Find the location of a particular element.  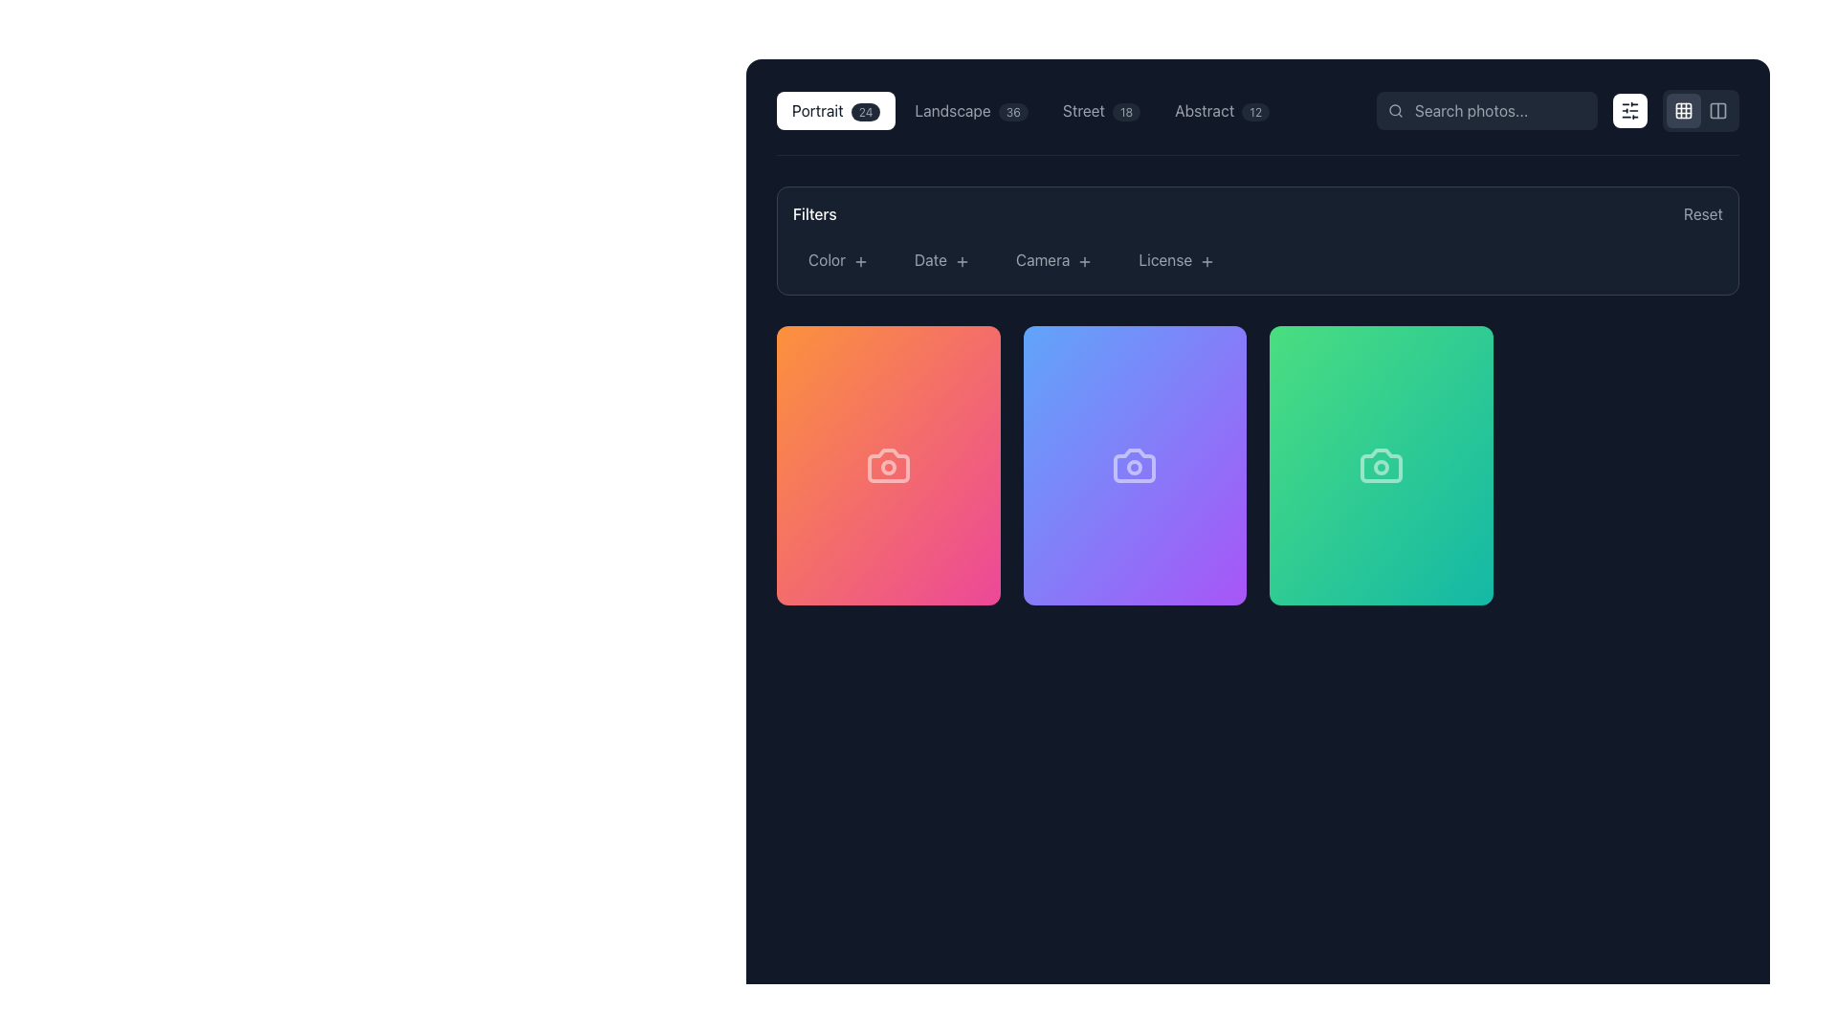

the gray magnifying glass icon, which serves as the search functionality located at the left end of the 'Search photos...' input field at the top right corner of the page is located at coordinates (1396, 110).